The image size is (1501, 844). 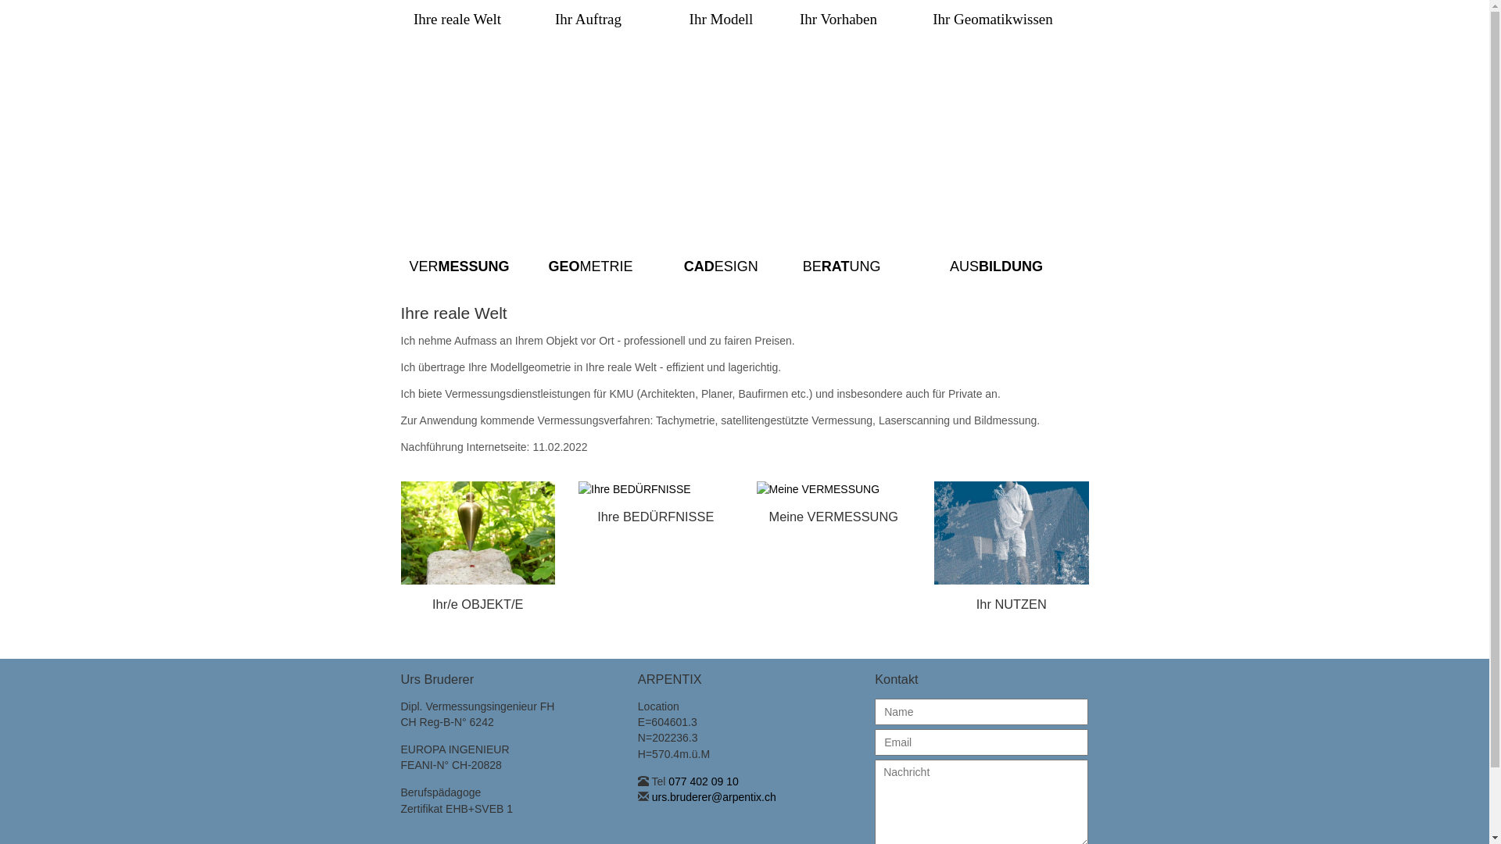 I want to click on 'Meine VERMESSUNG', so click(x=757, y=516).